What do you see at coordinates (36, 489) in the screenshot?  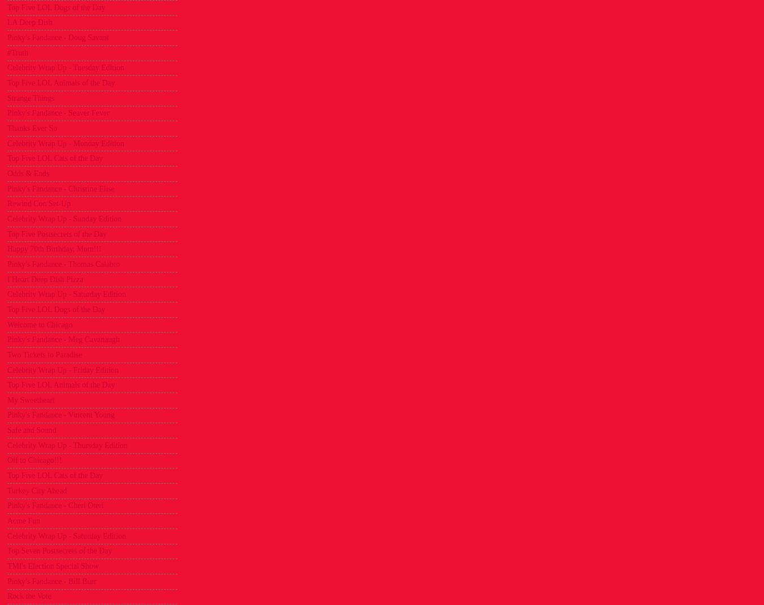 I see `'Turkey City Ahead'` at bounding box center [36, 489].